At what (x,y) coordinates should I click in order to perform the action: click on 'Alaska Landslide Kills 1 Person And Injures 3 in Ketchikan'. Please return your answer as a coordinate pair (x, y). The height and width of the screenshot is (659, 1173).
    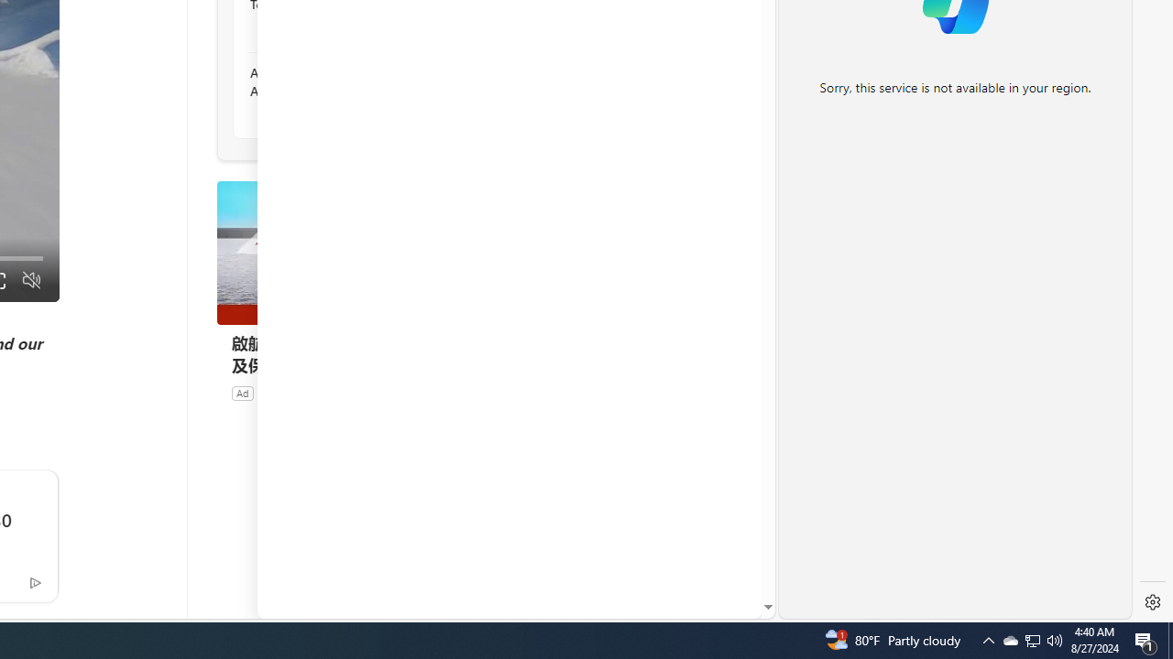
    Looking at the image, I should click on (349, 81).